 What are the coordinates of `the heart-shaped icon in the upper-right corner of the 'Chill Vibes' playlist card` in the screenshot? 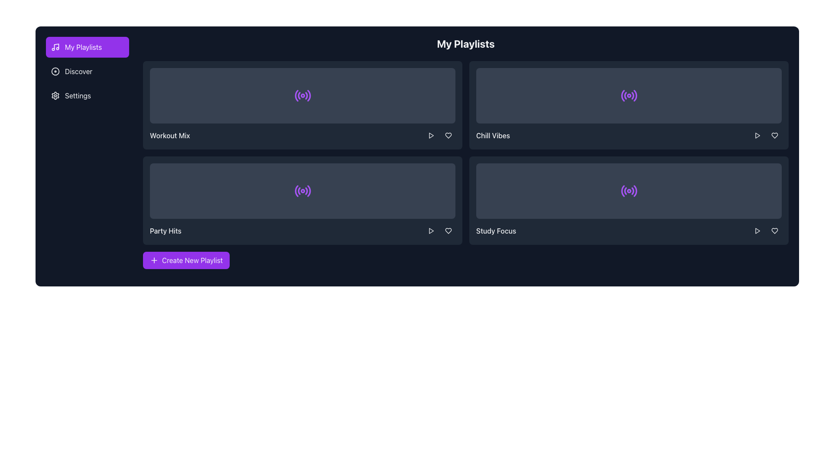 It's located at (775, 135).